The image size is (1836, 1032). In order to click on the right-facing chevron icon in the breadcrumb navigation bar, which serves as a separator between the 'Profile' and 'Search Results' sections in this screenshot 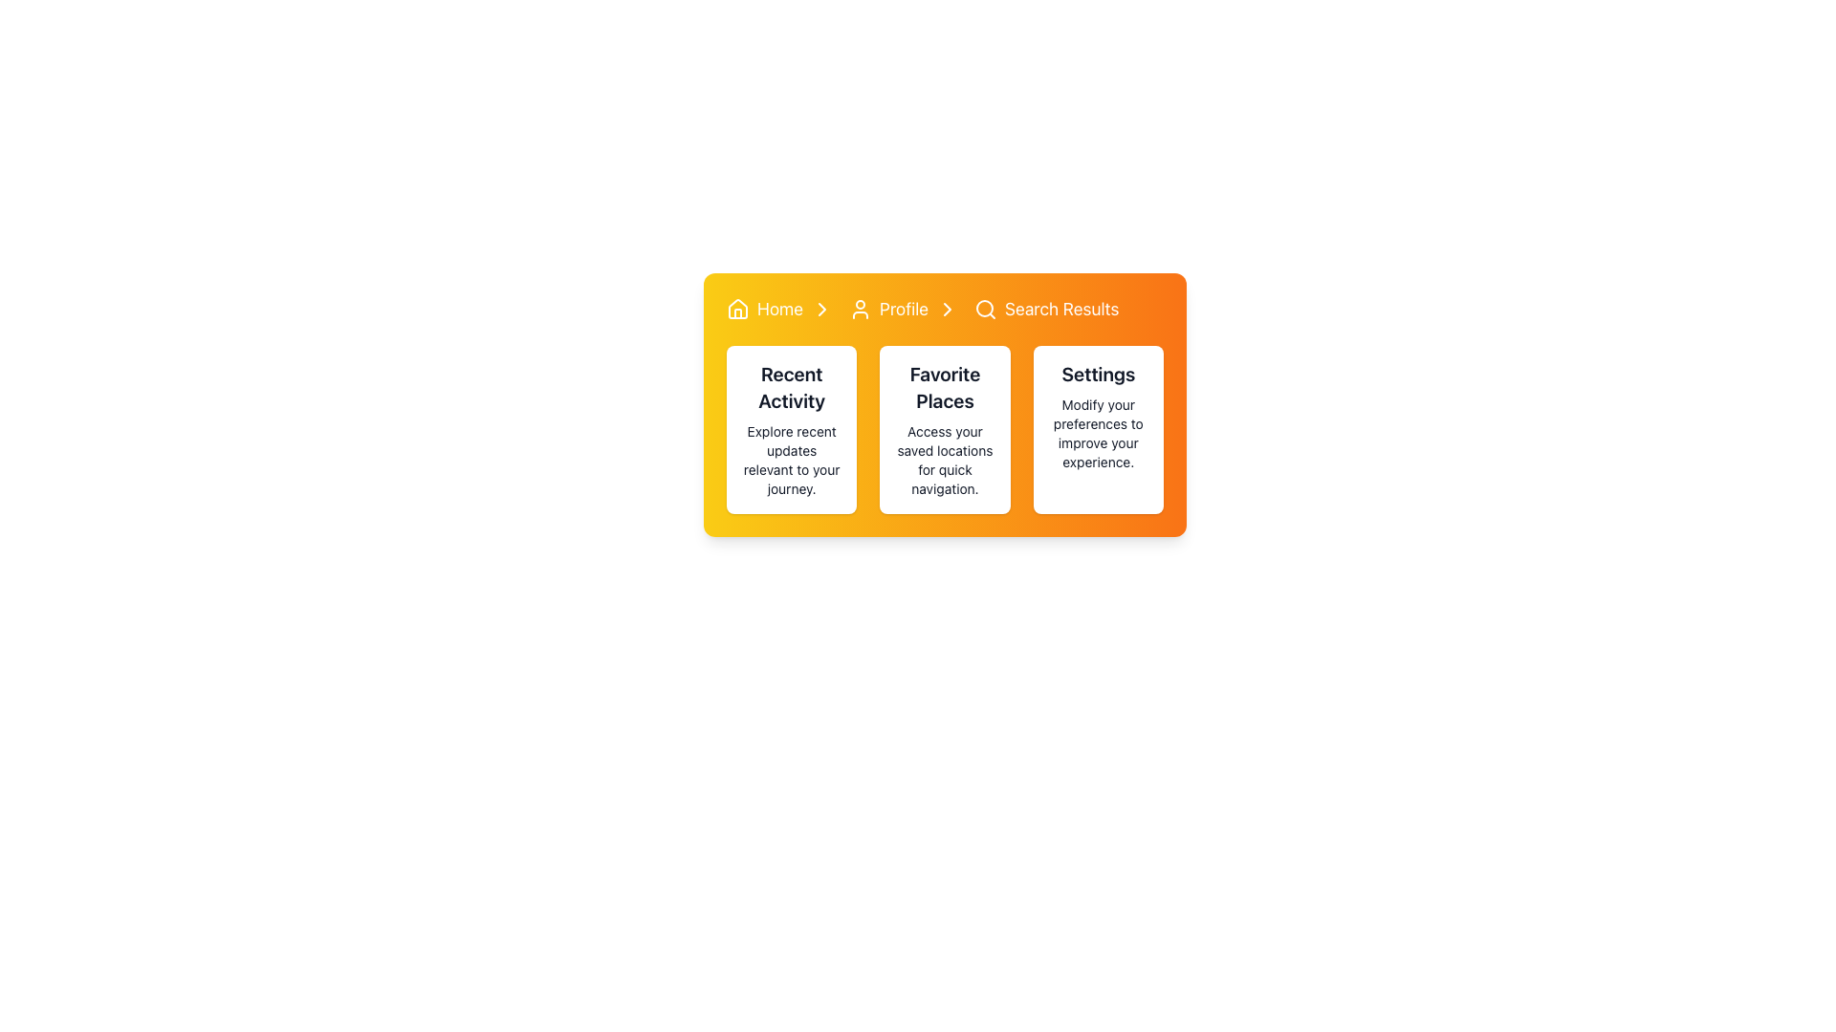, I will do `click(821, 309)`.